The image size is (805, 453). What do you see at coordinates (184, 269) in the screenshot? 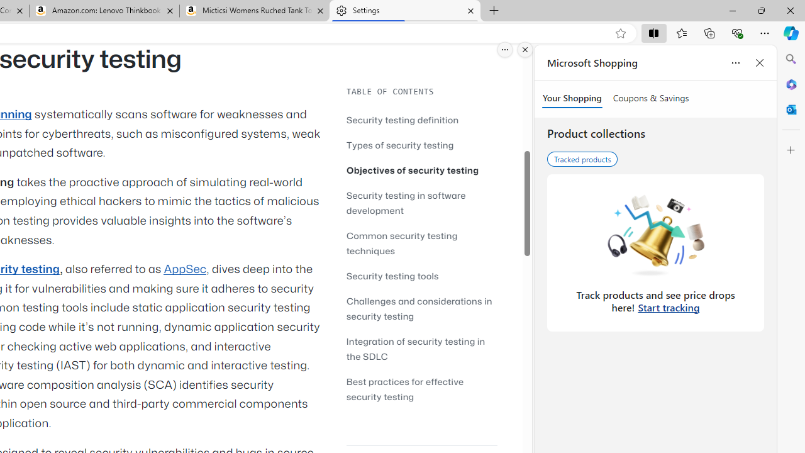
I see `'AppSec'` at bounding box center [184, 269].